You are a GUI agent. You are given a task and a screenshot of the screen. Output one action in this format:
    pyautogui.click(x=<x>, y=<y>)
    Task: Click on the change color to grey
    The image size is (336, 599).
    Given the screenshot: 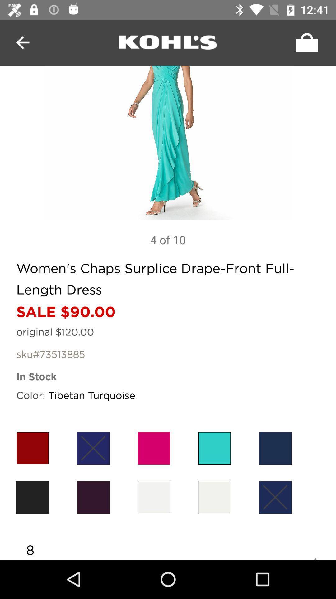 What is the action you would take?
    pyautogui.click(x=154, y=497)
    